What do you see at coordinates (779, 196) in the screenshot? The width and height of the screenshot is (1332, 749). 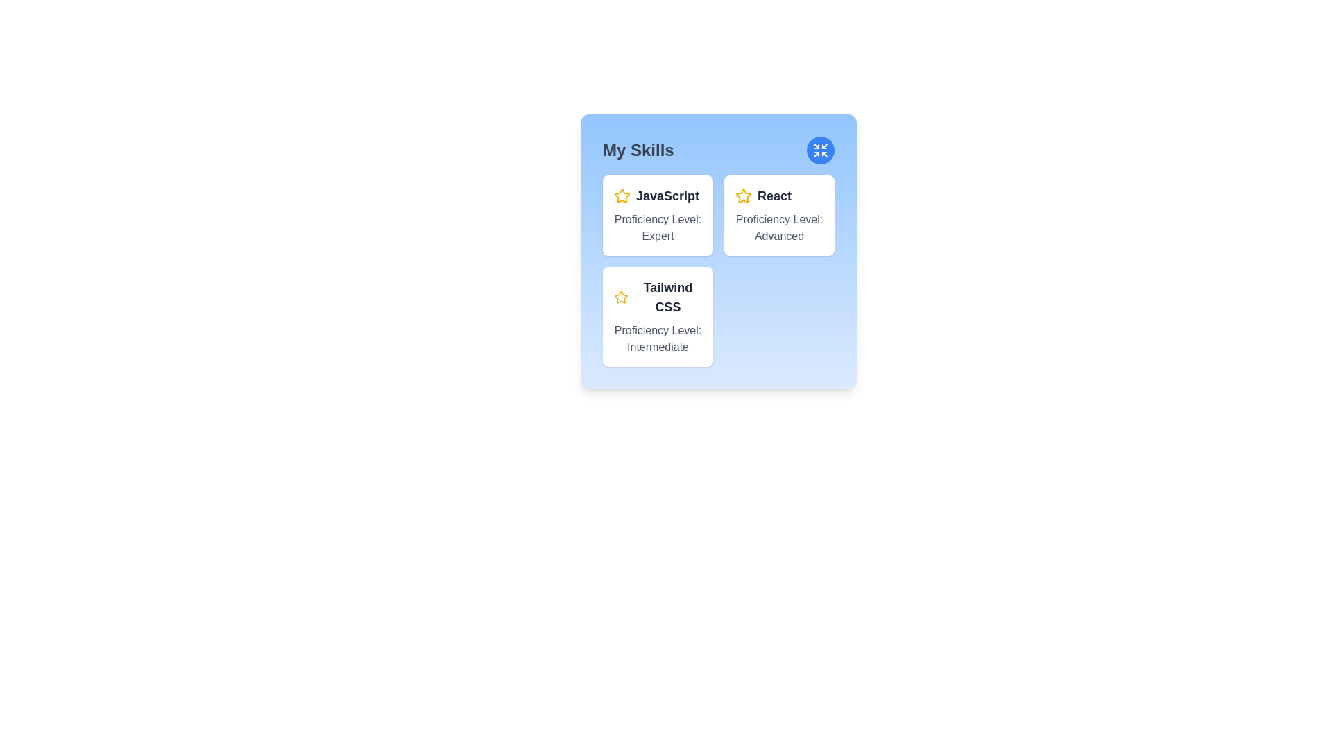 I see `the text label displaying 'React', which is in bold and slightly larger font, located in the top-right corner of the skills section, adjacent to a yellow star icon` at bounding box center [779, 196].